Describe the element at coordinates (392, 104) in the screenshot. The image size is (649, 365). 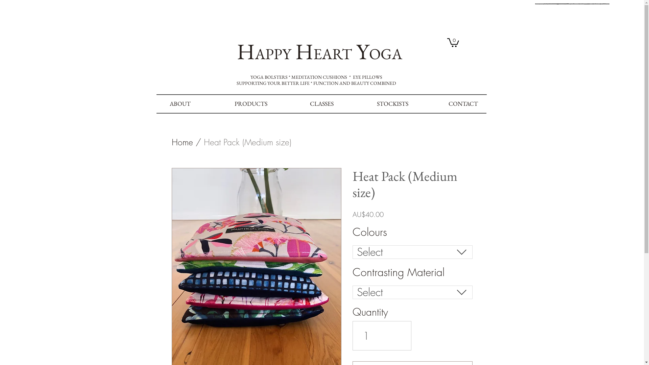
I see `'STOCKISTS'` at that location.